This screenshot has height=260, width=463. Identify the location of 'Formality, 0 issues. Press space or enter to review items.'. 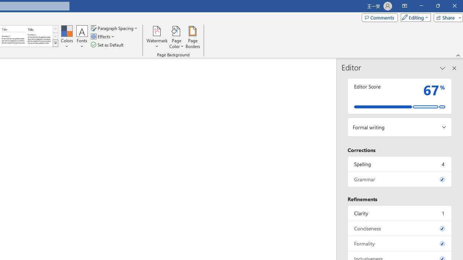
(399, 243).